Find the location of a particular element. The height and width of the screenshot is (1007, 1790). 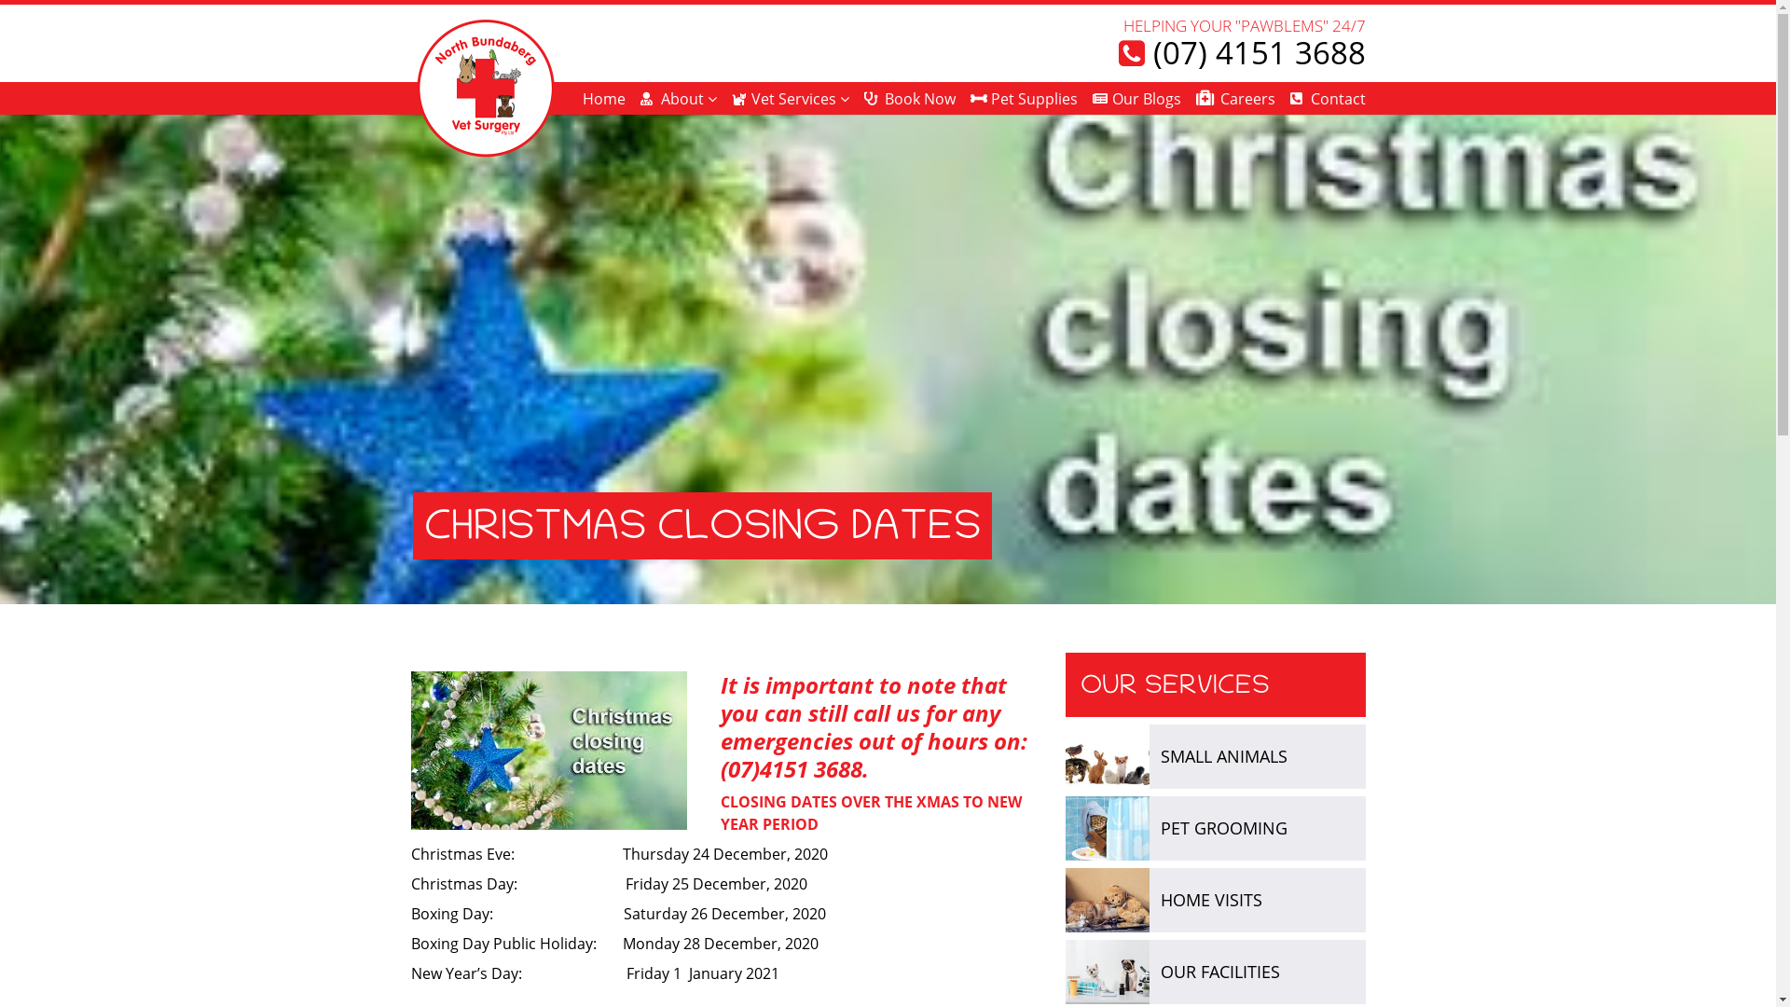

'About' is located at coordinates (640, 98).